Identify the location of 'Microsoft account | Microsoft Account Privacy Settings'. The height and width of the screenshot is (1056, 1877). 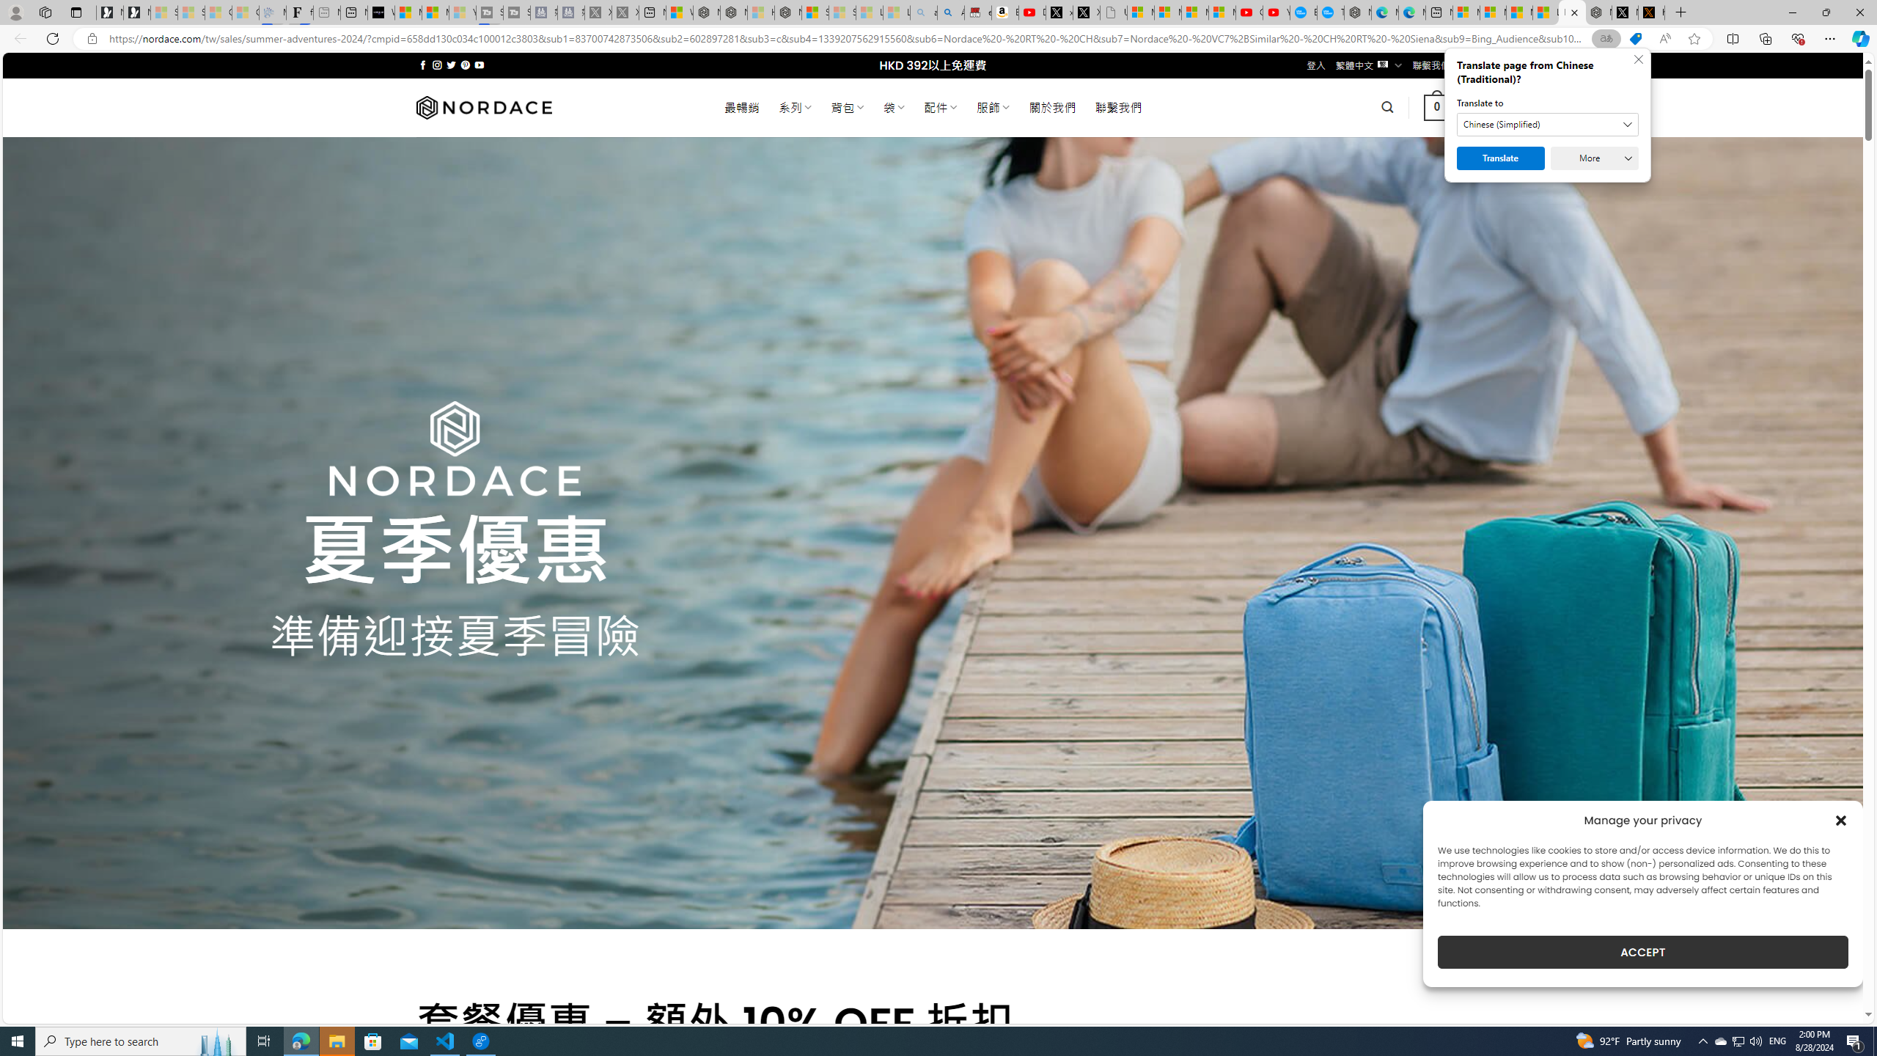
(1466, 12).